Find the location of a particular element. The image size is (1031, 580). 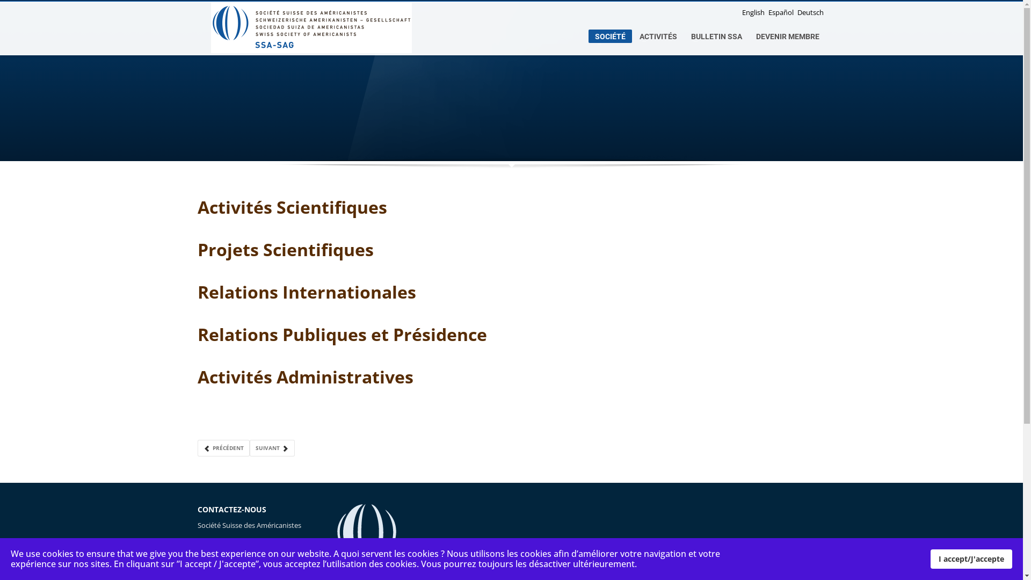

'I accept/J'accepte' is located at coordinates (971, 559).